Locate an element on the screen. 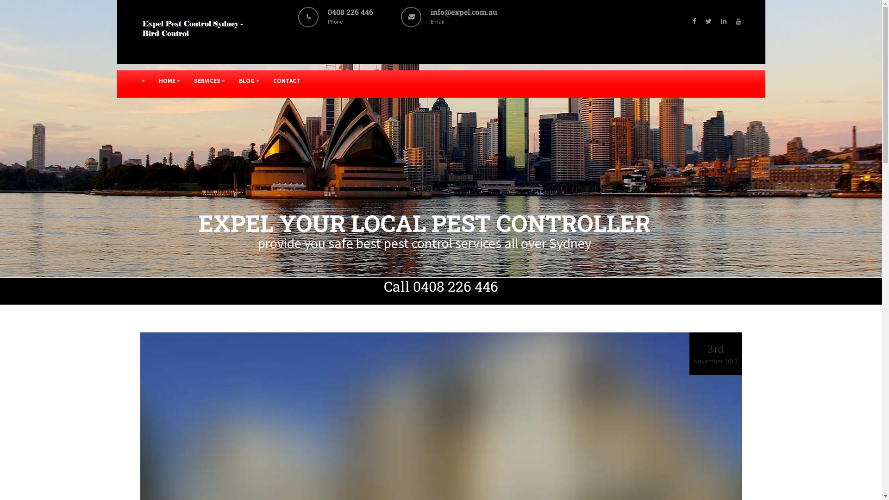 This screenshot has height=500, width=889. 'BLOG' is located at coordinates (246, 80).